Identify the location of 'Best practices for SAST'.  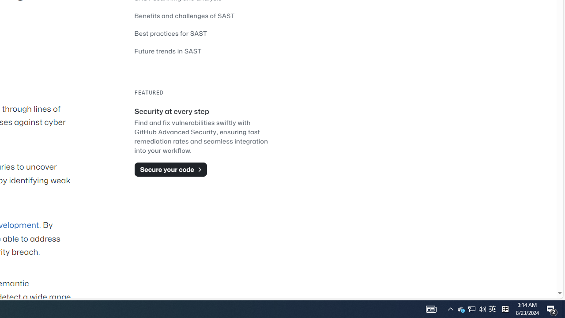
(203, 33).